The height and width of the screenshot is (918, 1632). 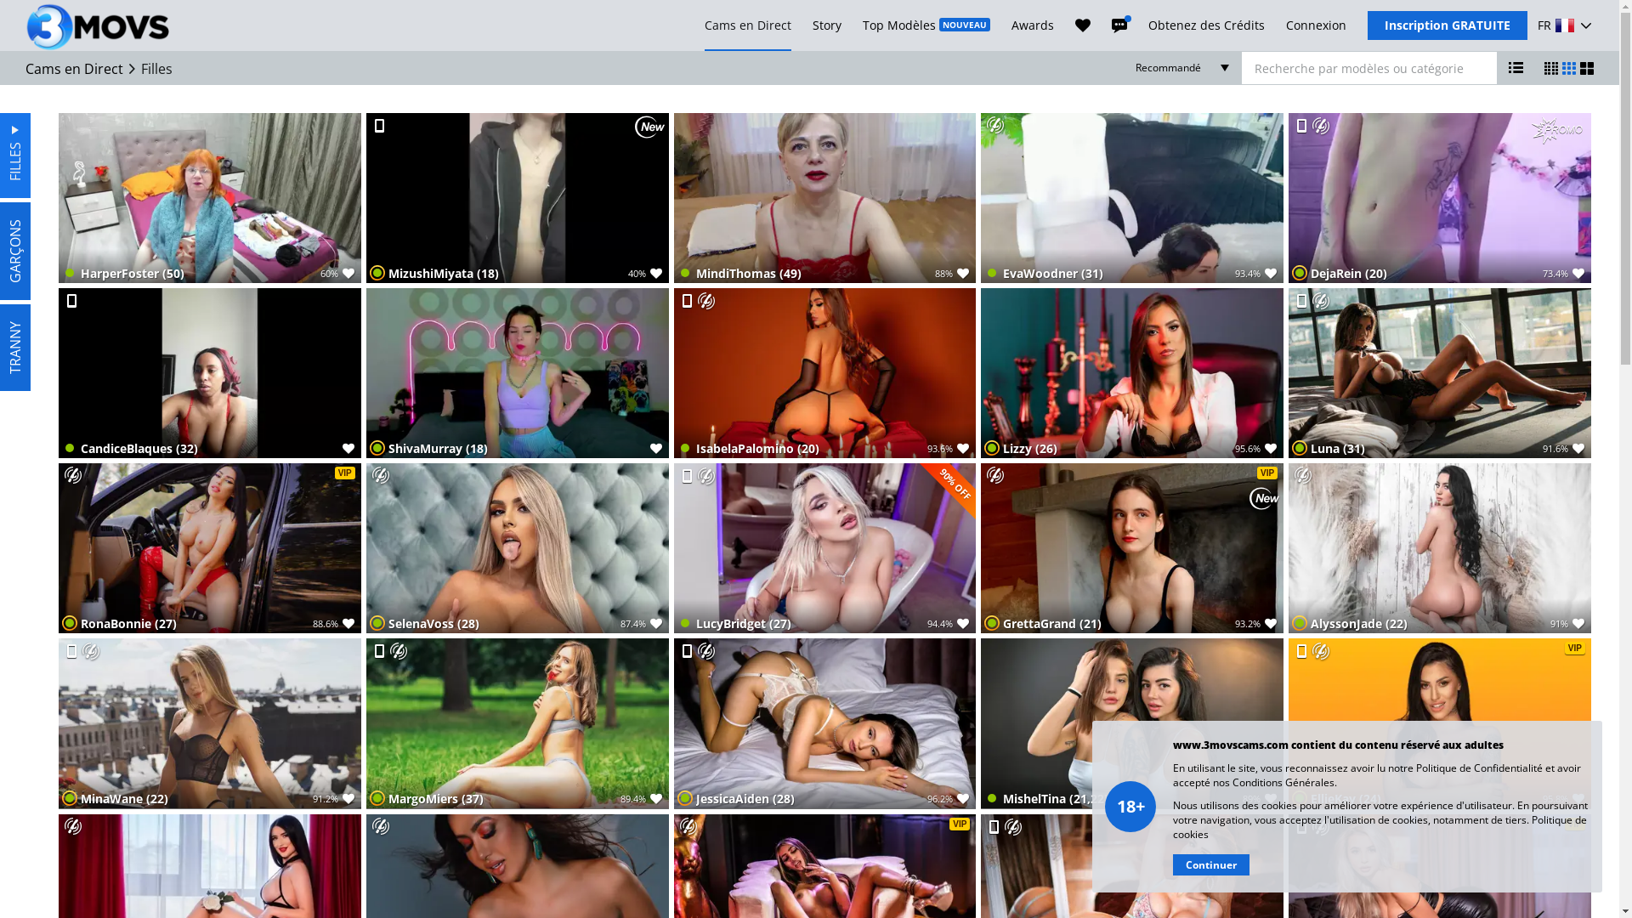 I want to click on 'Awards', so click(x=1031, y=25).